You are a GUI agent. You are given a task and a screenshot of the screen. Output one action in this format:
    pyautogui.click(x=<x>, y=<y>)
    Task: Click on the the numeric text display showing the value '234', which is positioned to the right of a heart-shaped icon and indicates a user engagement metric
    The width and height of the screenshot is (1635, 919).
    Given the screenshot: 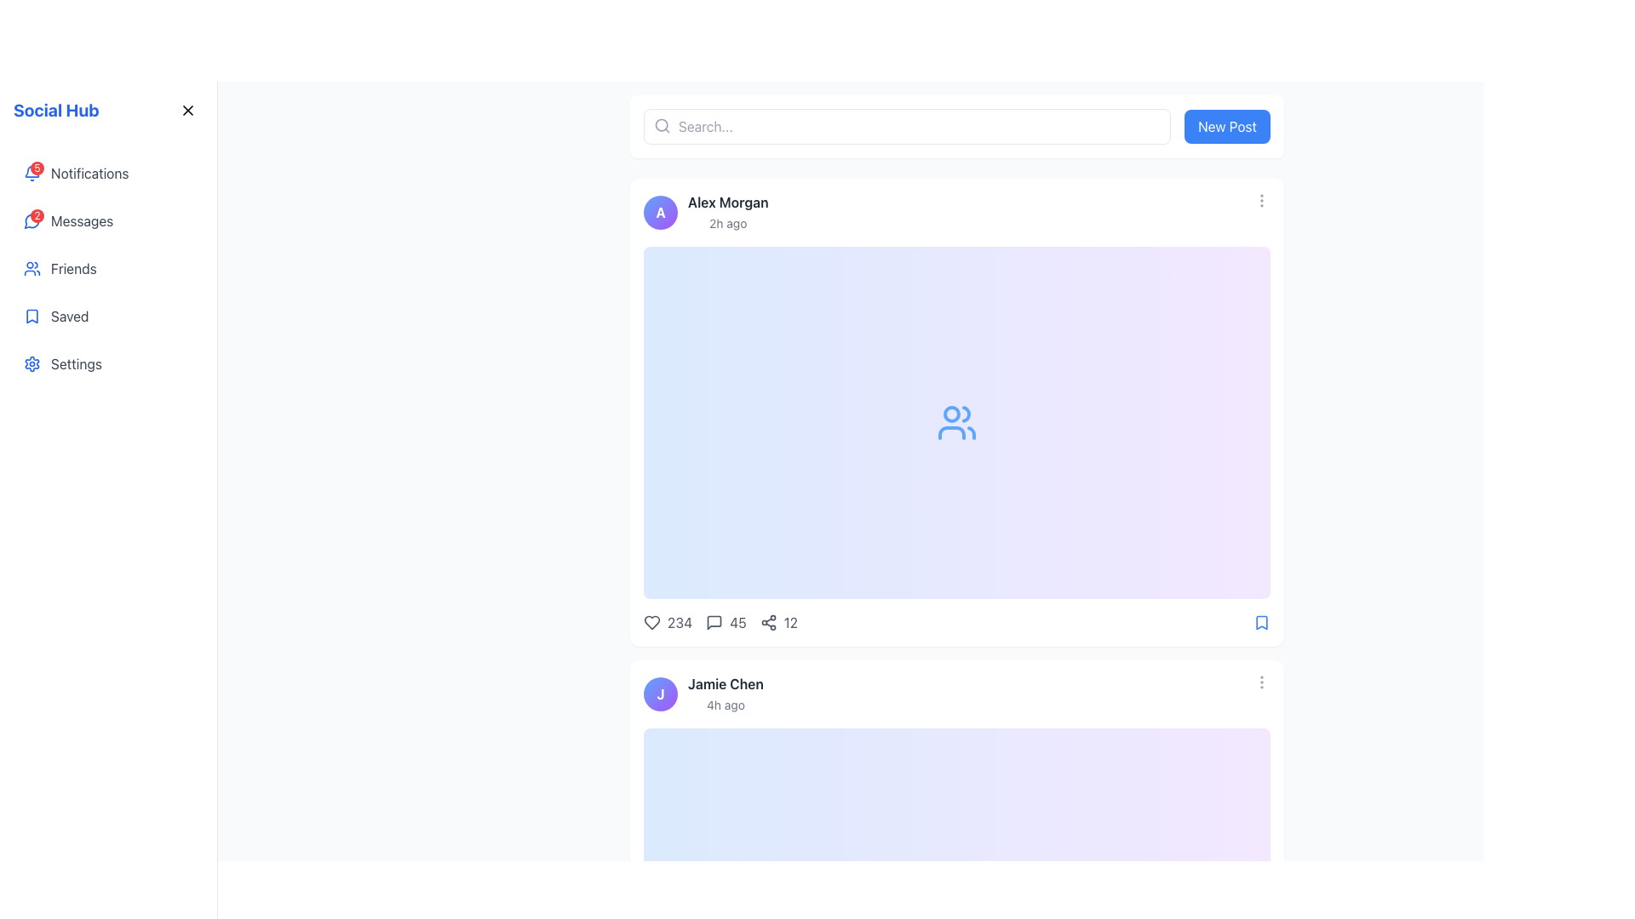 What is the action you would take?
    pyautogui.click(x=679, y=623)
    